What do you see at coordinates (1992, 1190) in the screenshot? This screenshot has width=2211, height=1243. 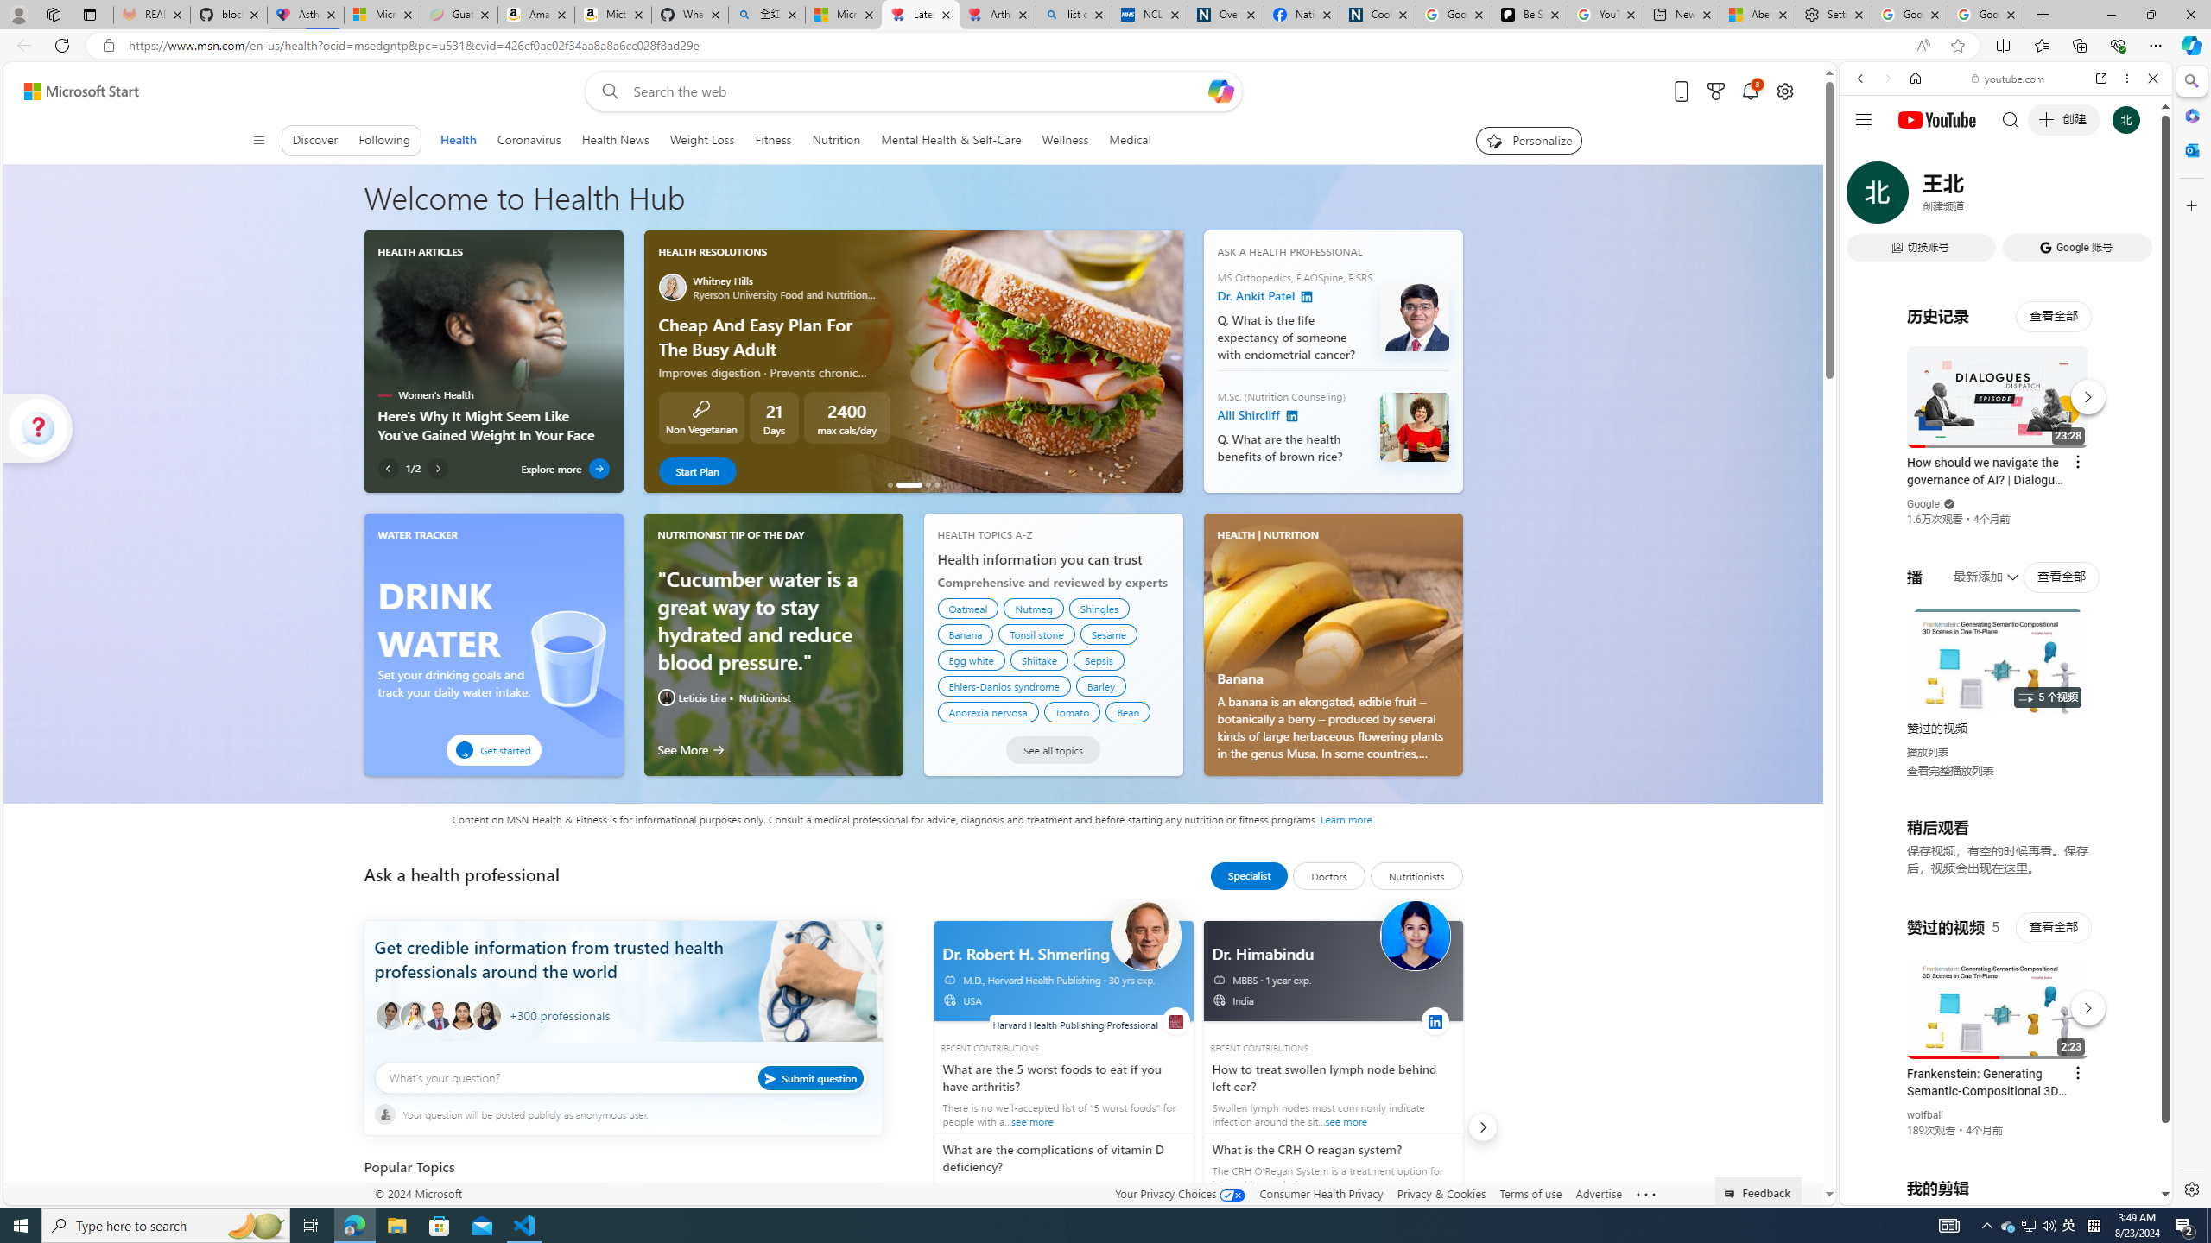 I see `'Class: dict_pnIcon rms_img'` at bounding box center [1992, 1190].